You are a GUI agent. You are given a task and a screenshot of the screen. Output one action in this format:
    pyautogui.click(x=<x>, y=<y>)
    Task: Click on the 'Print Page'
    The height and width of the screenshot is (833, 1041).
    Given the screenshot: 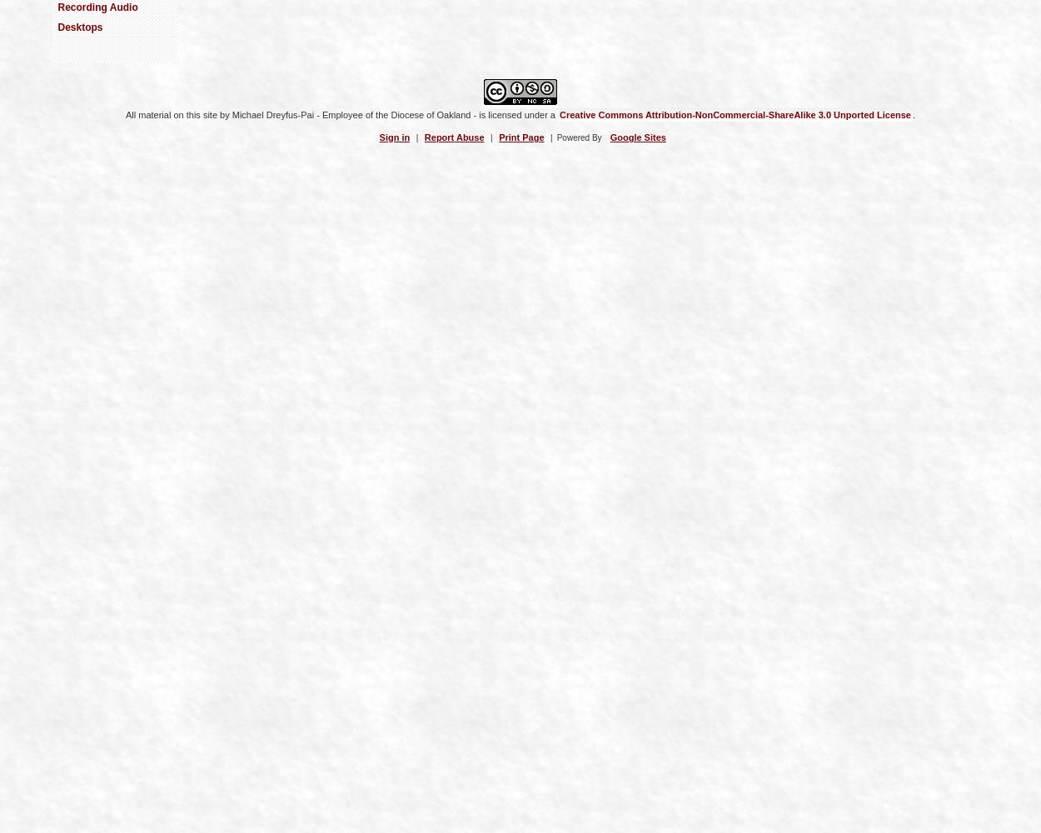 What is the action you would take?
    pyautogui.click(x=521, y=137)
    